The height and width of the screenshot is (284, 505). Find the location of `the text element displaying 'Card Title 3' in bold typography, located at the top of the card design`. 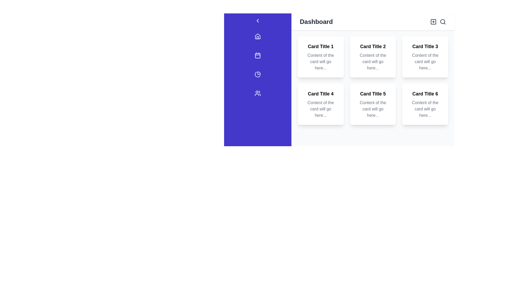

the text element displaying 'Card Title 3' in bold typography, located at the top of the card design is located at coordinates (425, 46).